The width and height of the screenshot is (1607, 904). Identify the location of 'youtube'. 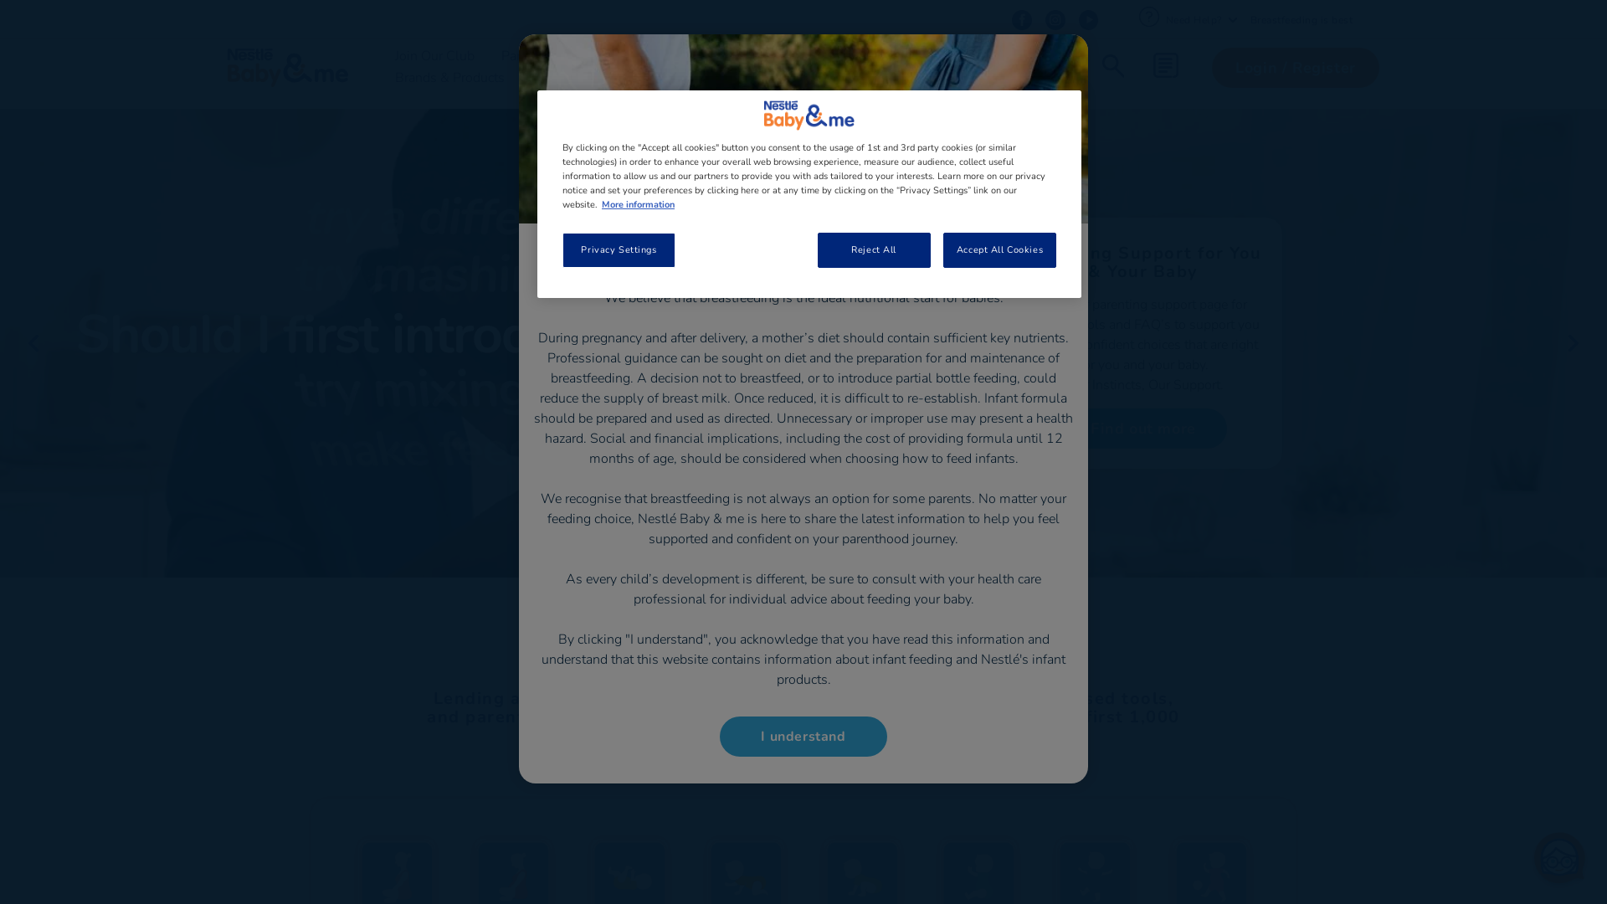
(1088, 19).